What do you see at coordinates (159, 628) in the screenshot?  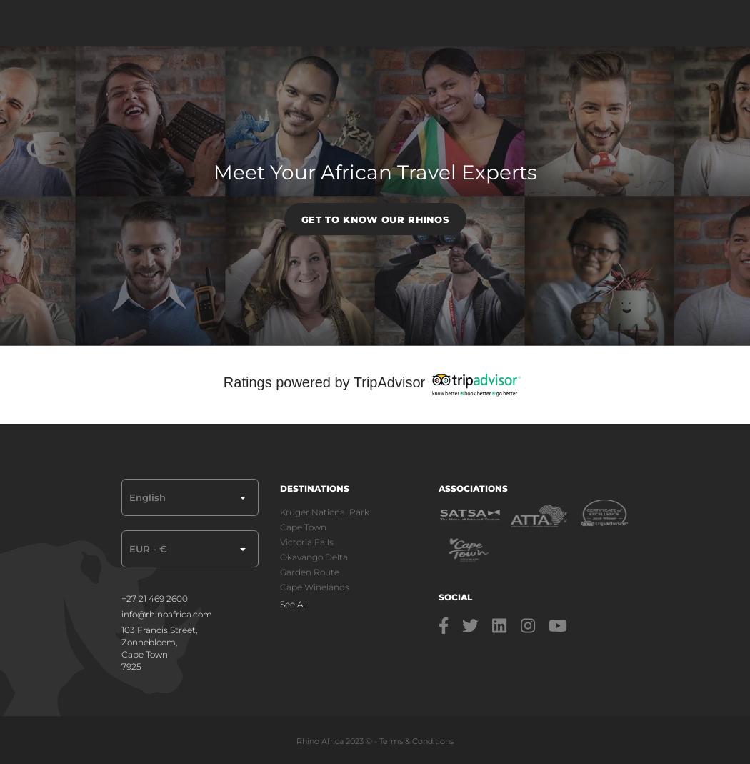 I see `'103 Francis Street,'` at bounding box center [159, 628].